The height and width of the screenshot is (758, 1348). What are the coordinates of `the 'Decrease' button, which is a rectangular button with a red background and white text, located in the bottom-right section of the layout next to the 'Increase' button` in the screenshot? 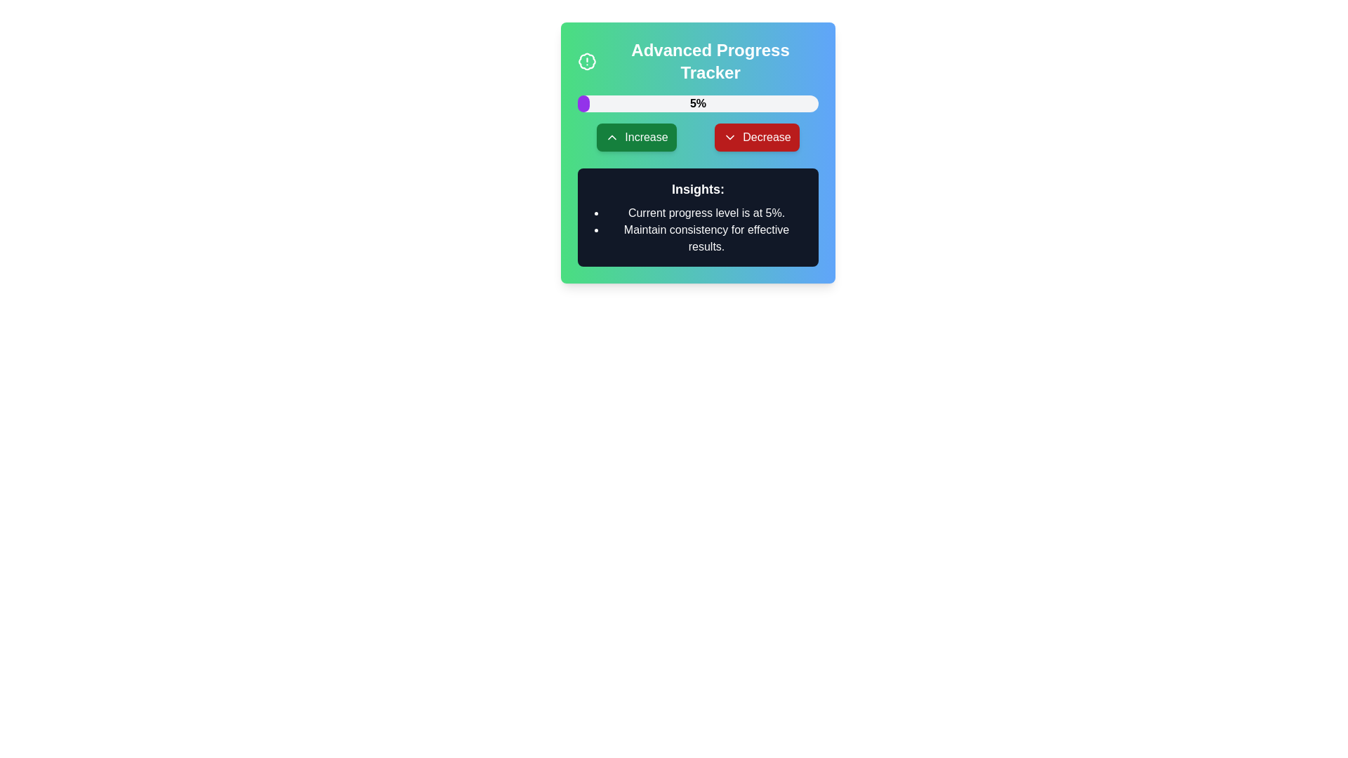 It's located at (756, 138).